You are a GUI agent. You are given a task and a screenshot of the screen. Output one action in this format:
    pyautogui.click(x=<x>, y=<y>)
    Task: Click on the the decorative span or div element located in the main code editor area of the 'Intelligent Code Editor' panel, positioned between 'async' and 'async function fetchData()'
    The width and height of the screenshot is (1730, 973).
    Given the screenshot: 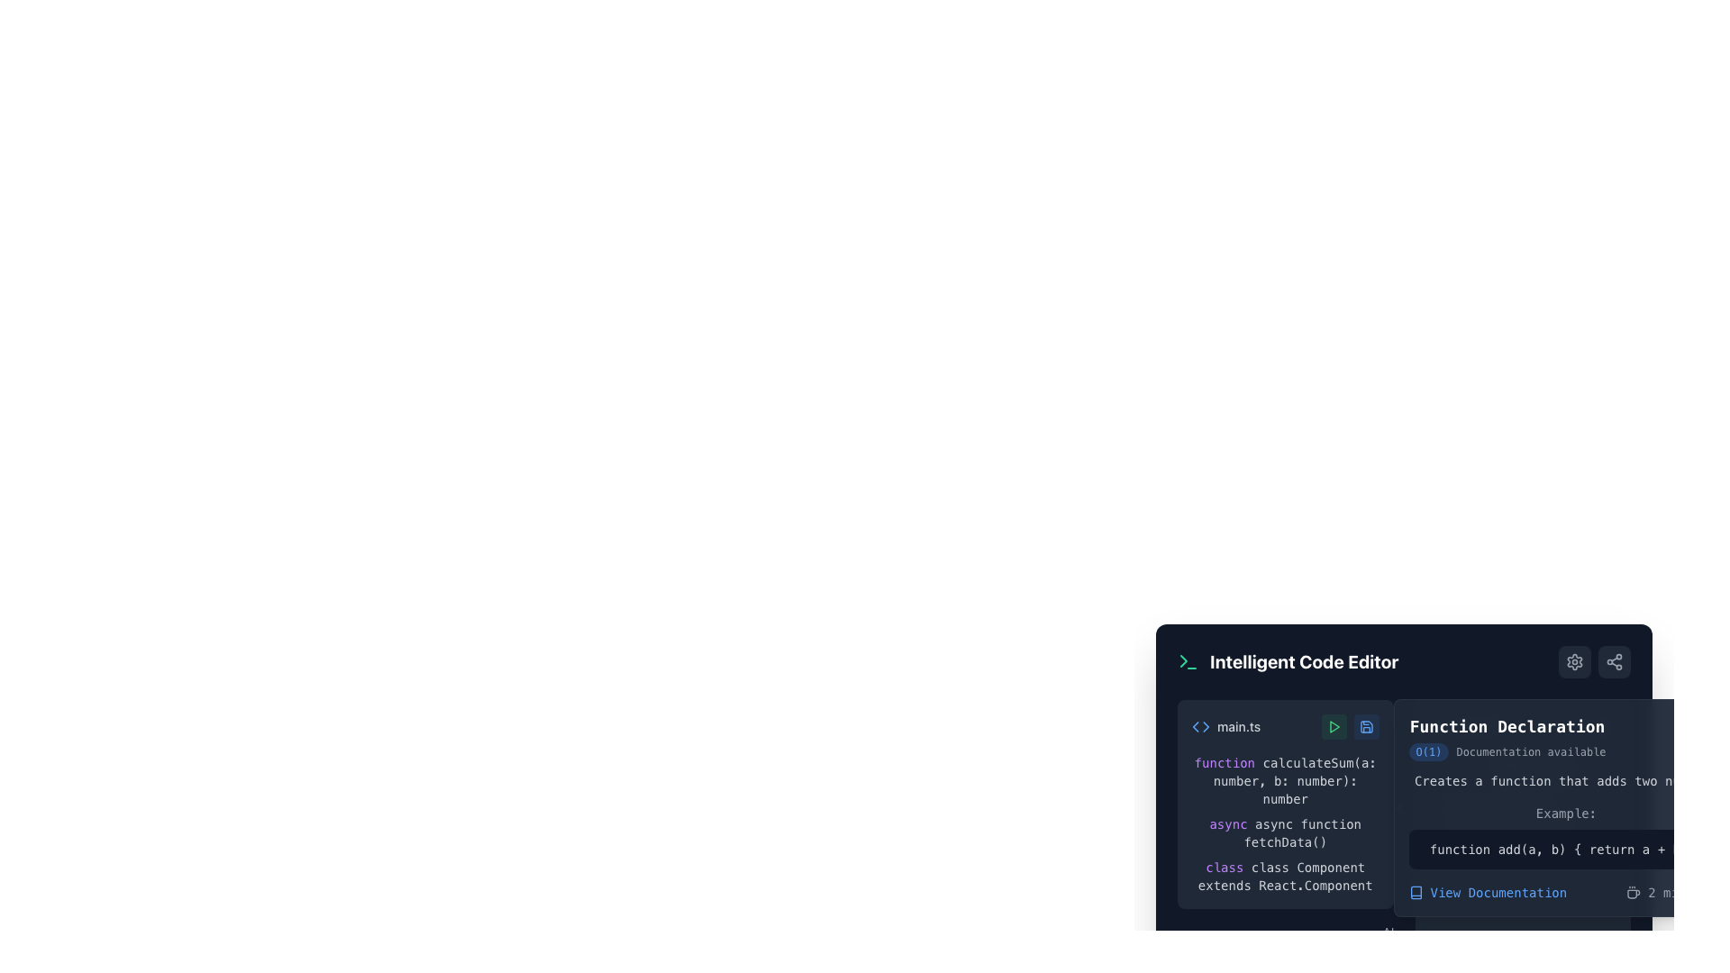 What is the action you would take?
    pyautogui.click(x=1250, y=823)
    